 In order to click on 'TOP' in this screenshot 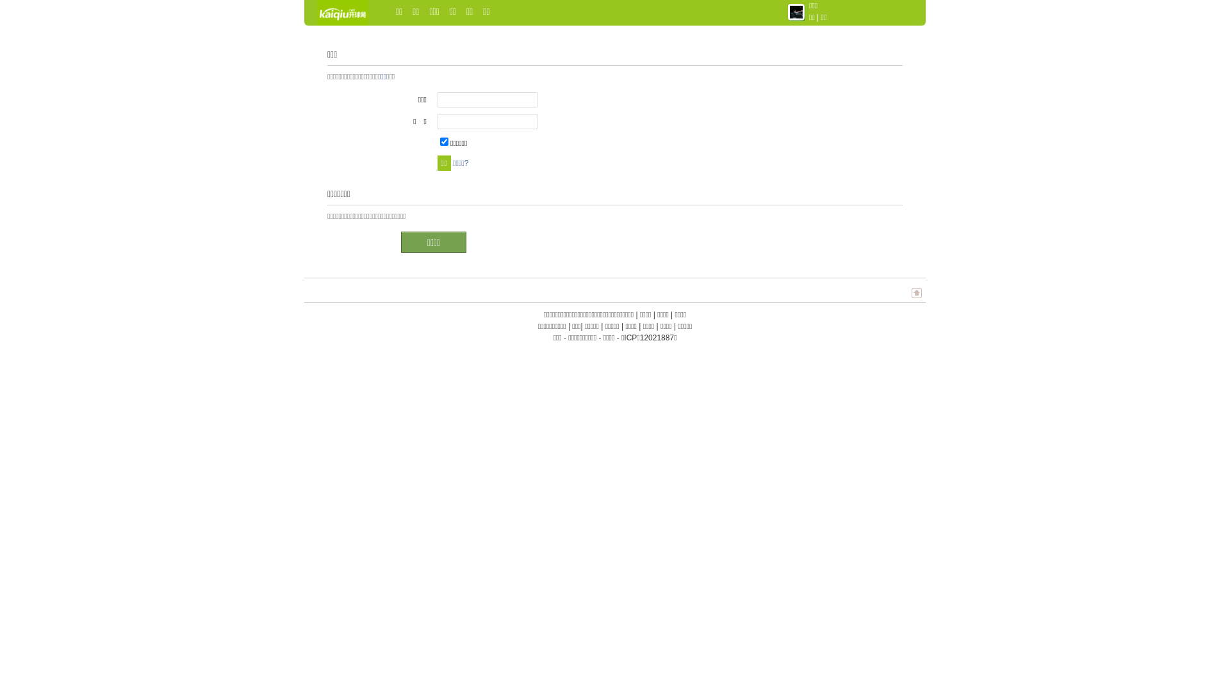, I will do `click(915, 299)`.